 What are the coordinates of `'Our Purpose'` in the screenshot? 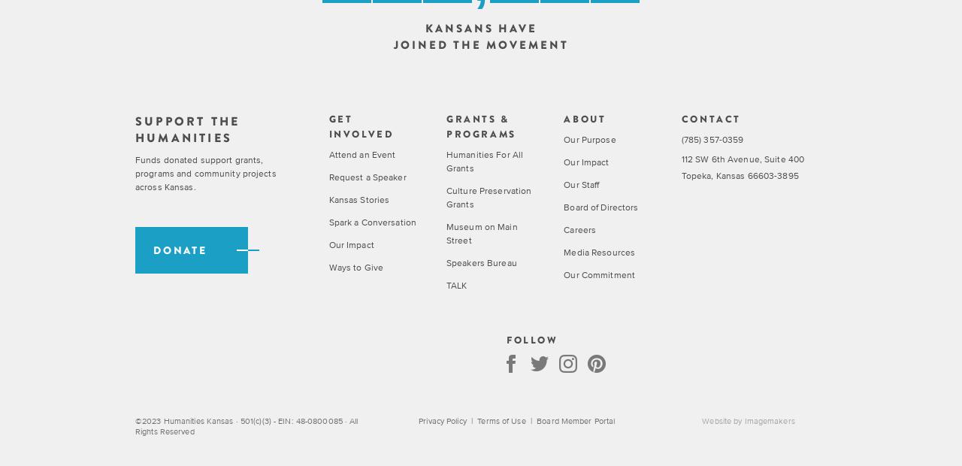 It's located at (588, 138).